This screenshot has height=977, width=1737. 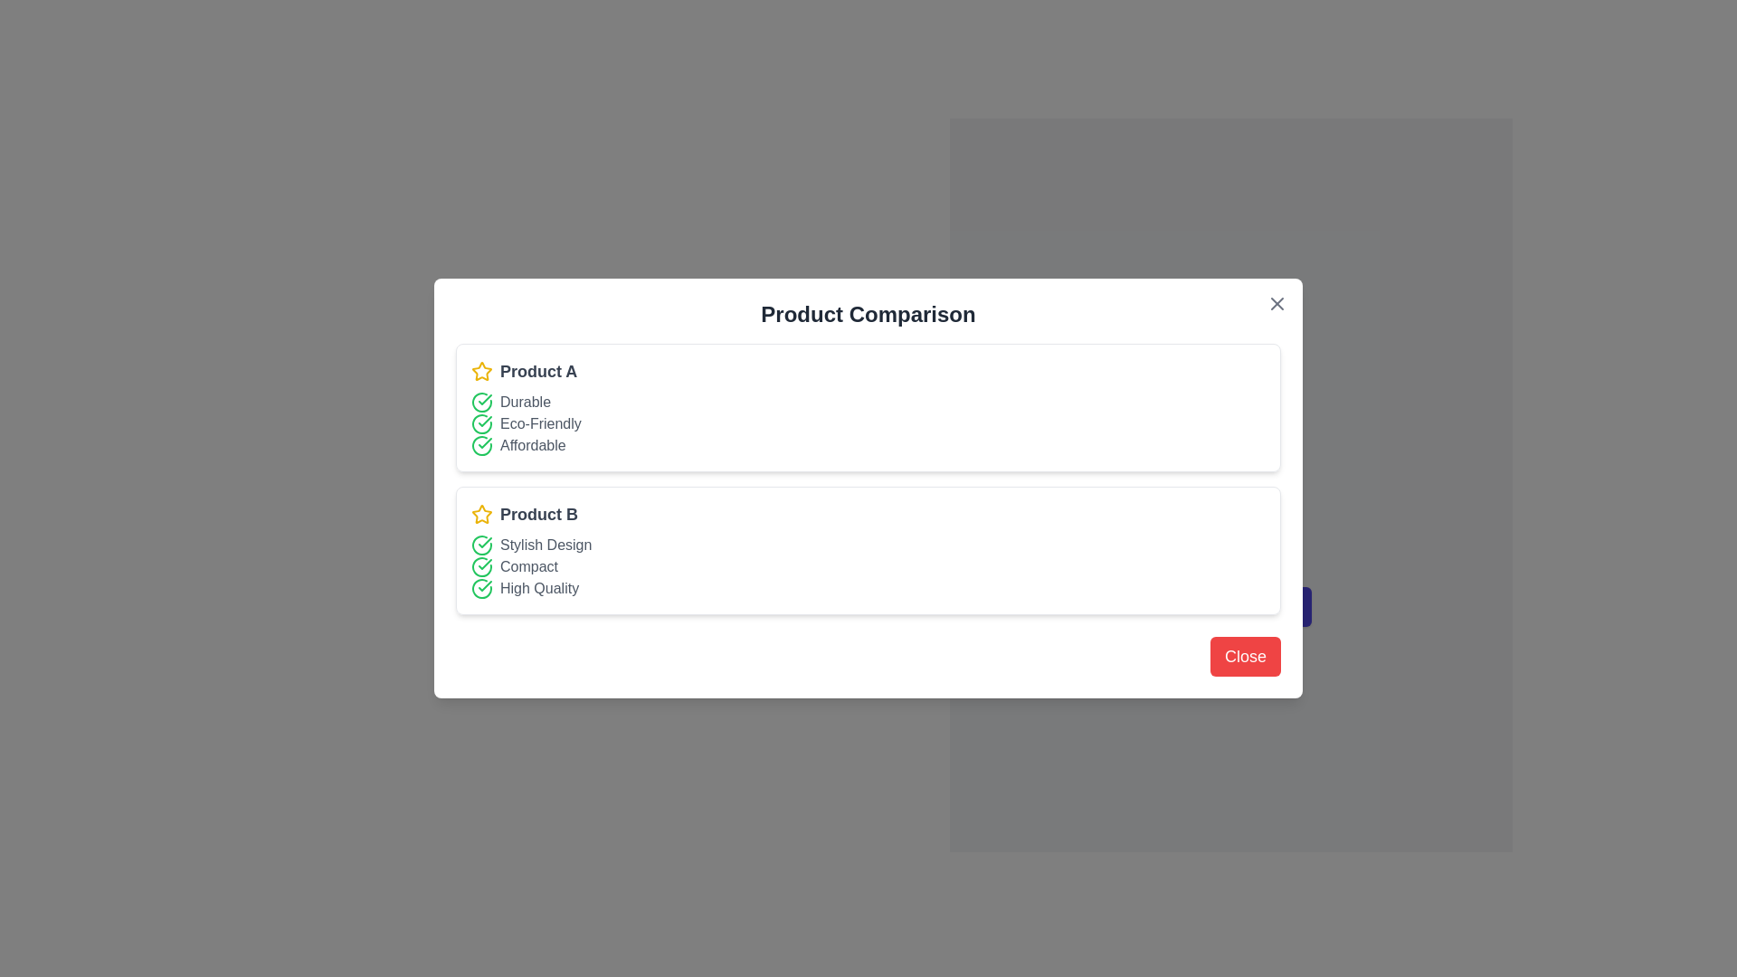 What do you see at coordinates (481, 544) in the screenshot?
I see `the primary circular outline of the graphical indicator located in the second grouping under the heading 'Product B', which is positioned slightly above the text 'Stylish Design'` at bounding box center [481, 544].